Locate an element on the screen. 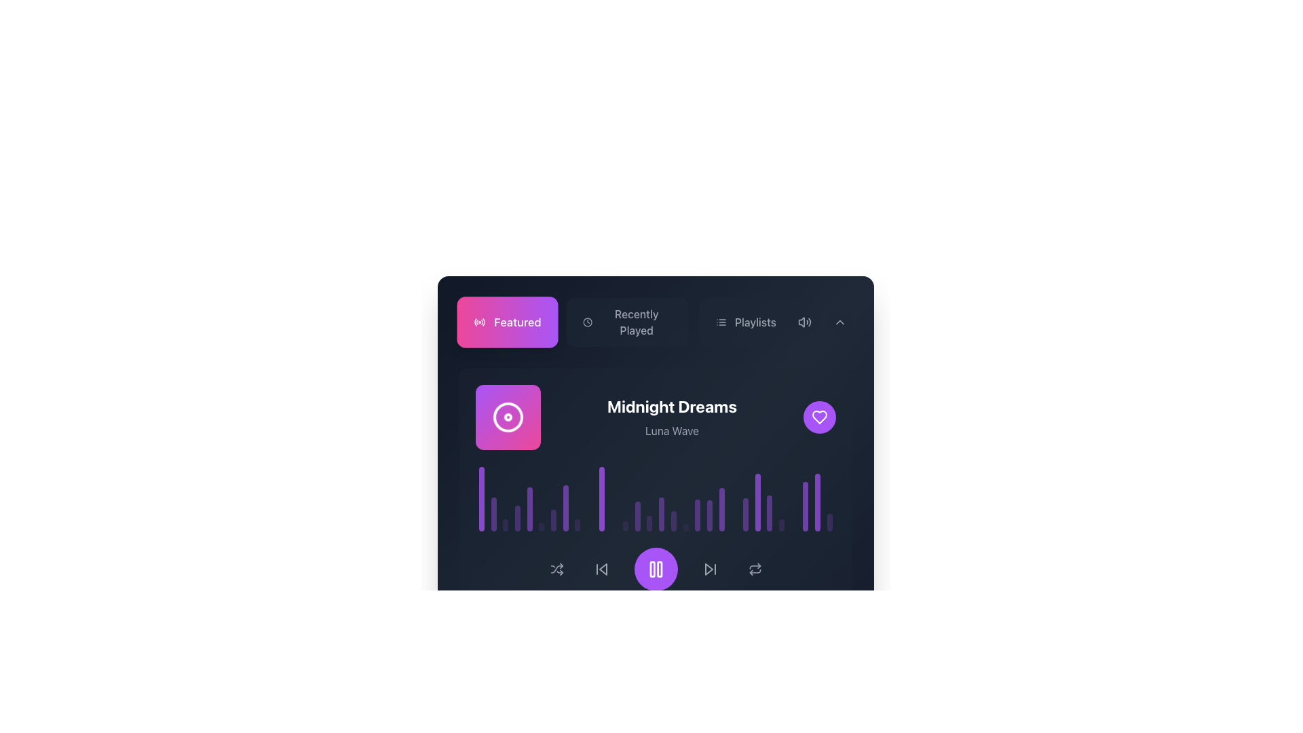  the waveform visualizer element located below the labels 'Midnight Dreams' and 'Luna Wave' is located at coordinates (656, 499).